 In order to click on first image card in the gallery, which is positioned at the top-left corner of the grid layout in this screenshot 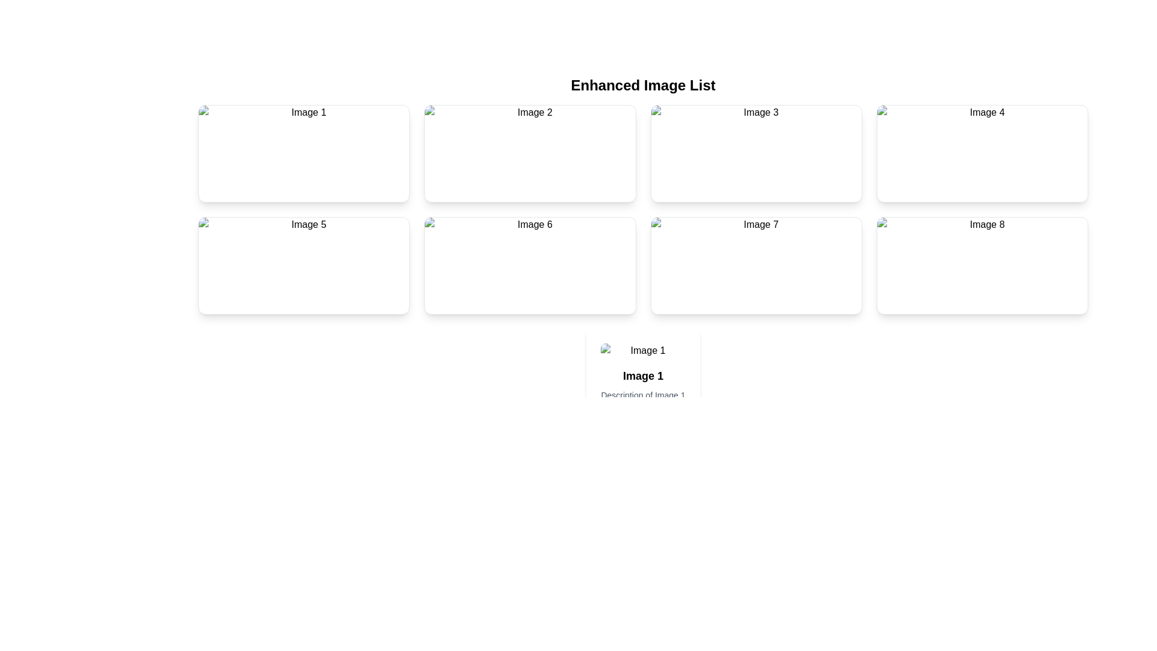, I will do `click(304, 153)`.